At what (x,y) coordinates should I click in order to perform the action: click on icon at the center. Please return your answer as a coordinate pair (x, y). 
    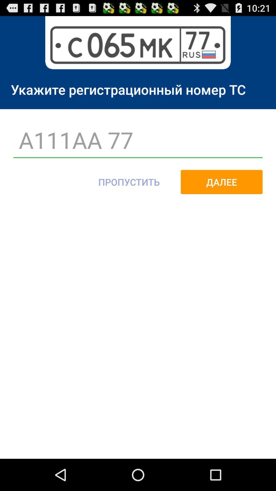
    Looking at the image, I should click on (129, 182).